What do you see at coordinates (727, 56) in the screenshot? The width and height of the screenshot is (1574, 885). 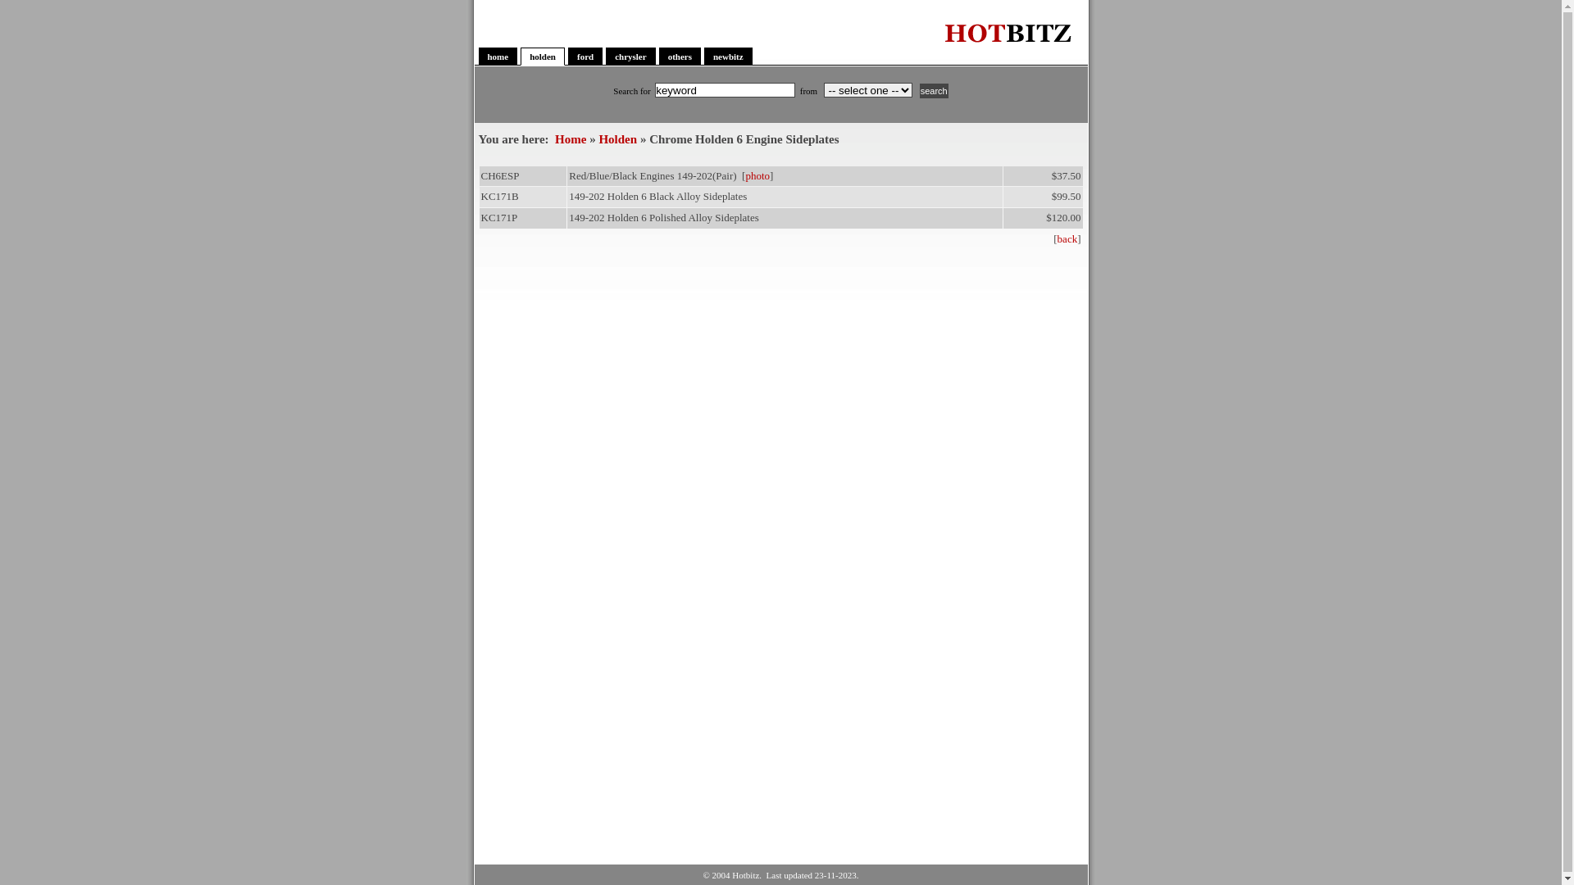 I see `'newbitz'` at bounding box center [727, 56].